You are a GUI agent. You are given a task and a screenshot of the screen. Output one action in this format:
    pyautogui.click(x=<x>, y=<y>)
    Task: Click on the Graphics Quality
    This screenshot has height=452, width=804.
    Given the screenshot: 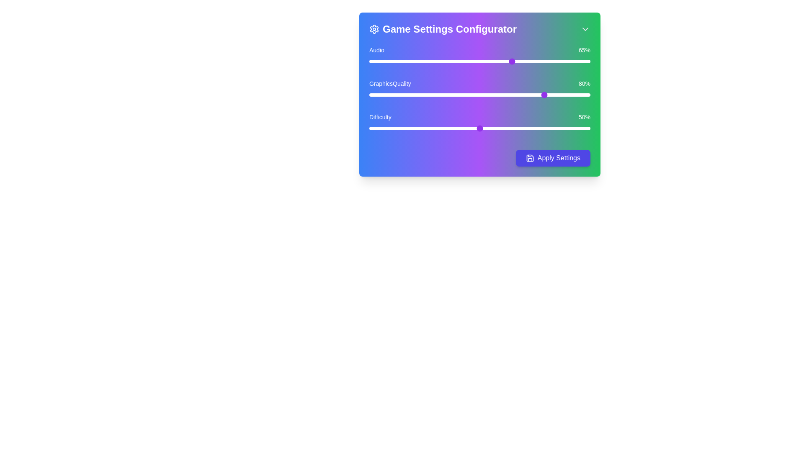 What is the action you would take?
    pyautogui.click(x=482, y=95)
    